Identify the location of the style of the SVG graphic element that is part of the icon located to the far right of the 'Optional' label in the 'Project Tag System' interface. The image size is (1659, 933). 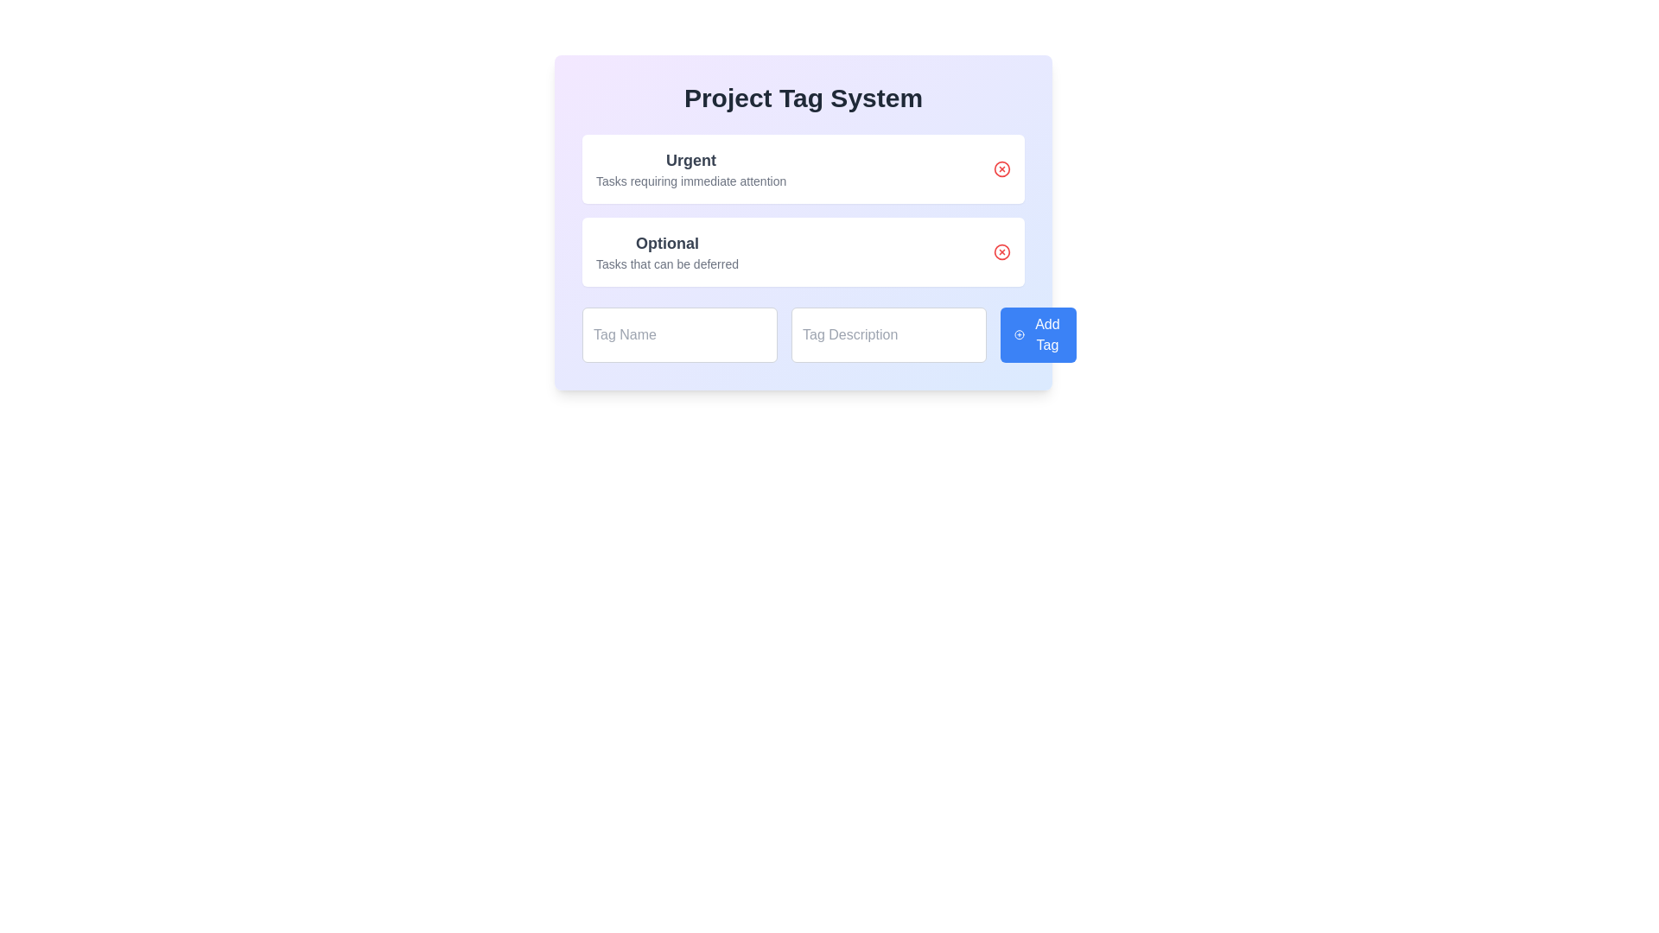
(1002, 252).